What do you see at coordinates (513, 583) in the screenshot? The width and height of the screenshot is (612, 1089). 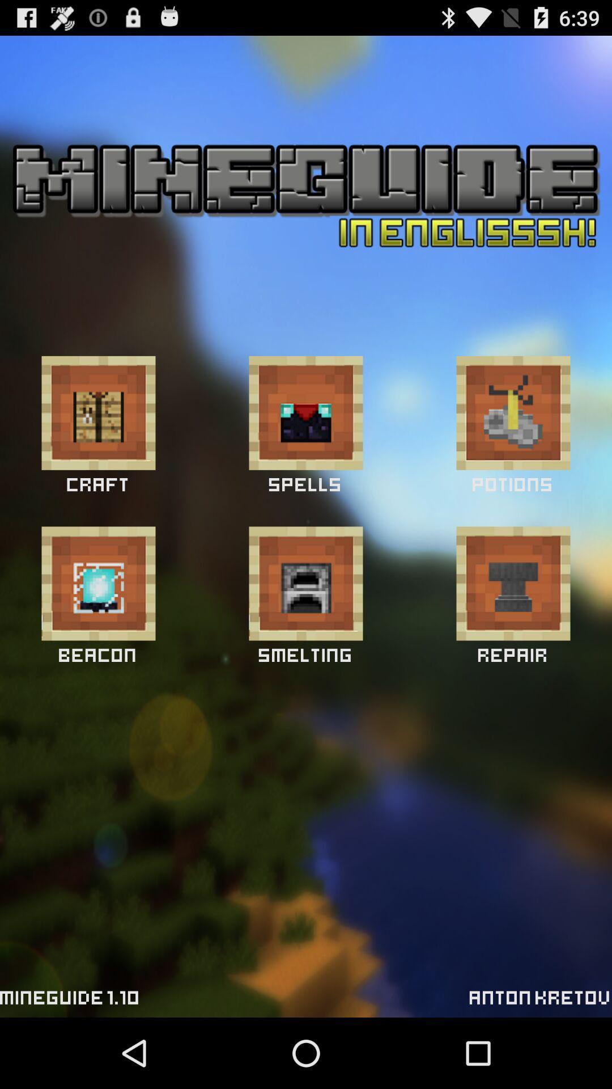 I see `the icon above the repair` at bounding box center [513, 583].